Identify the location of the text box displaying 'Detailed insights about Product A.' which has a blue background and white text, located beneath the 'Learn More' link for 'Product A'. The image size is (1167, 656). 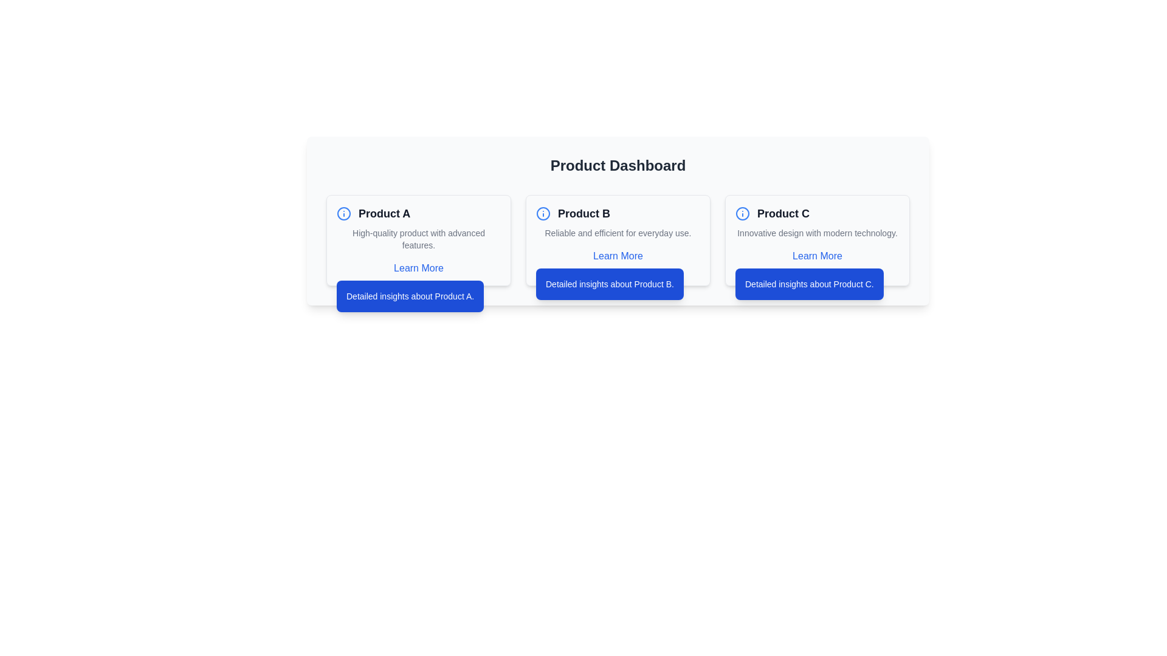
(410, 296).